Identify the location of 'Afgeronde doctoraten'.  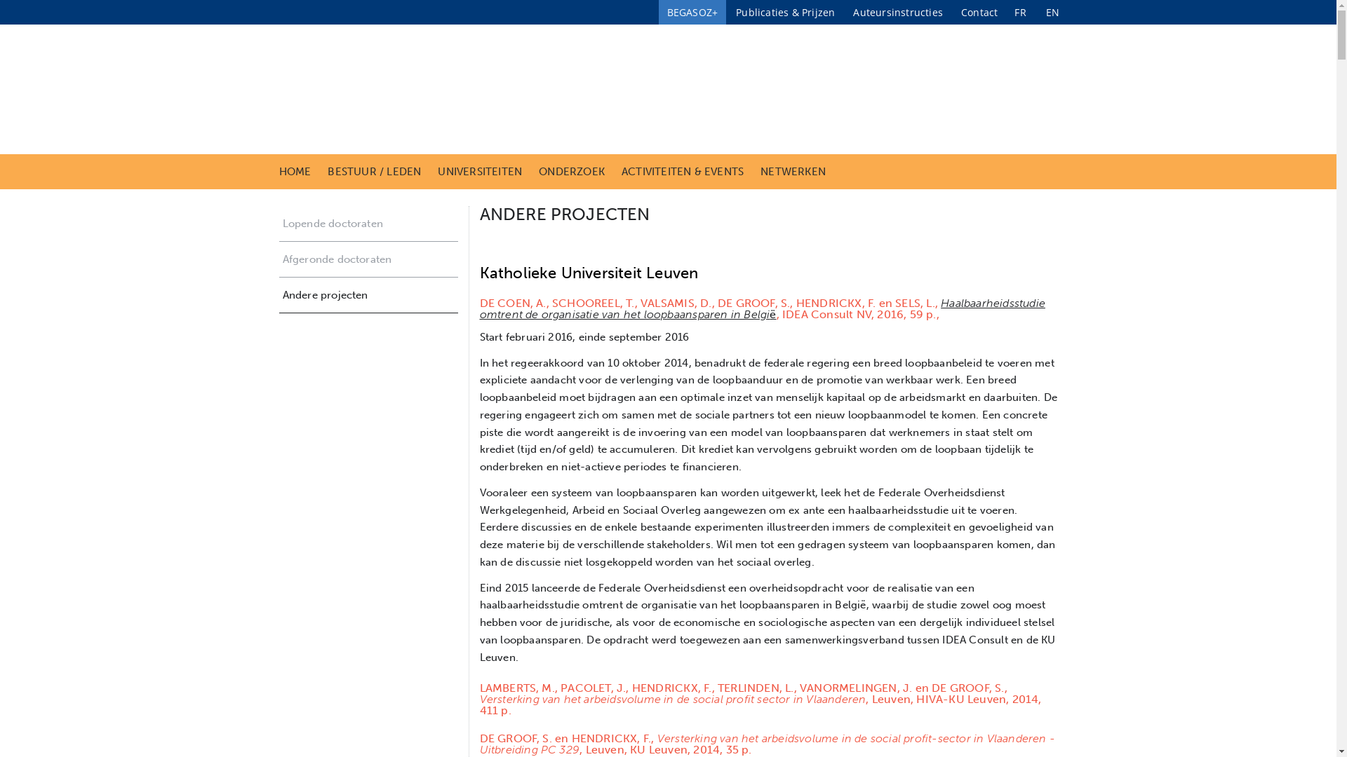
(368, 259).